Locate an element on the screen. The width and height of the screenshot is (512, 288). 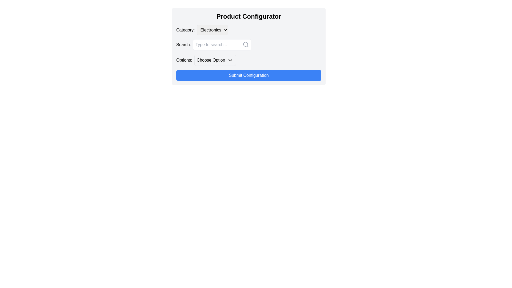
the 'Submit Configuration' button, which is a rectangular button with a blue background and white text, located at the bottom of the 'Product Configurator' section is located at coordinates (248, 75).